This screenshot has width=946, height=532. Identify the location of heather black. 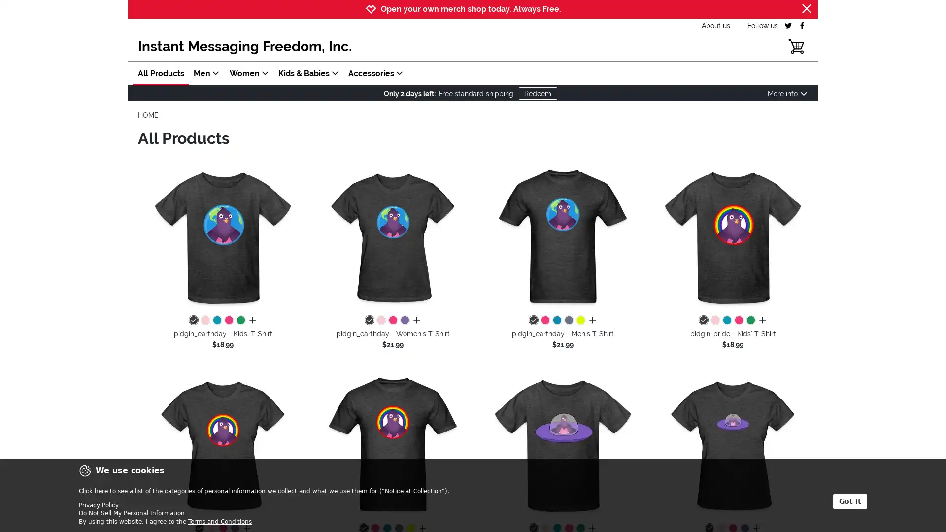
(702, 321).